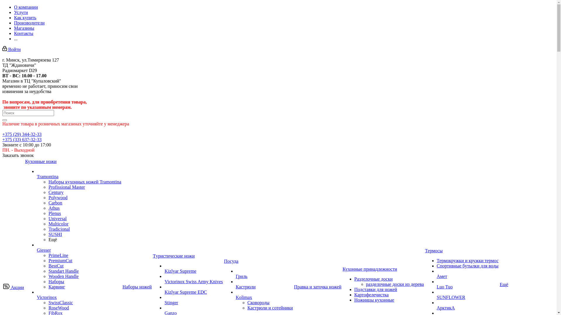 Image resolution: width=561 pixels, height=315 pixels. Describe the element at coordinates (49, 266) in the screenshot. I see `'BestCut'` at that location.